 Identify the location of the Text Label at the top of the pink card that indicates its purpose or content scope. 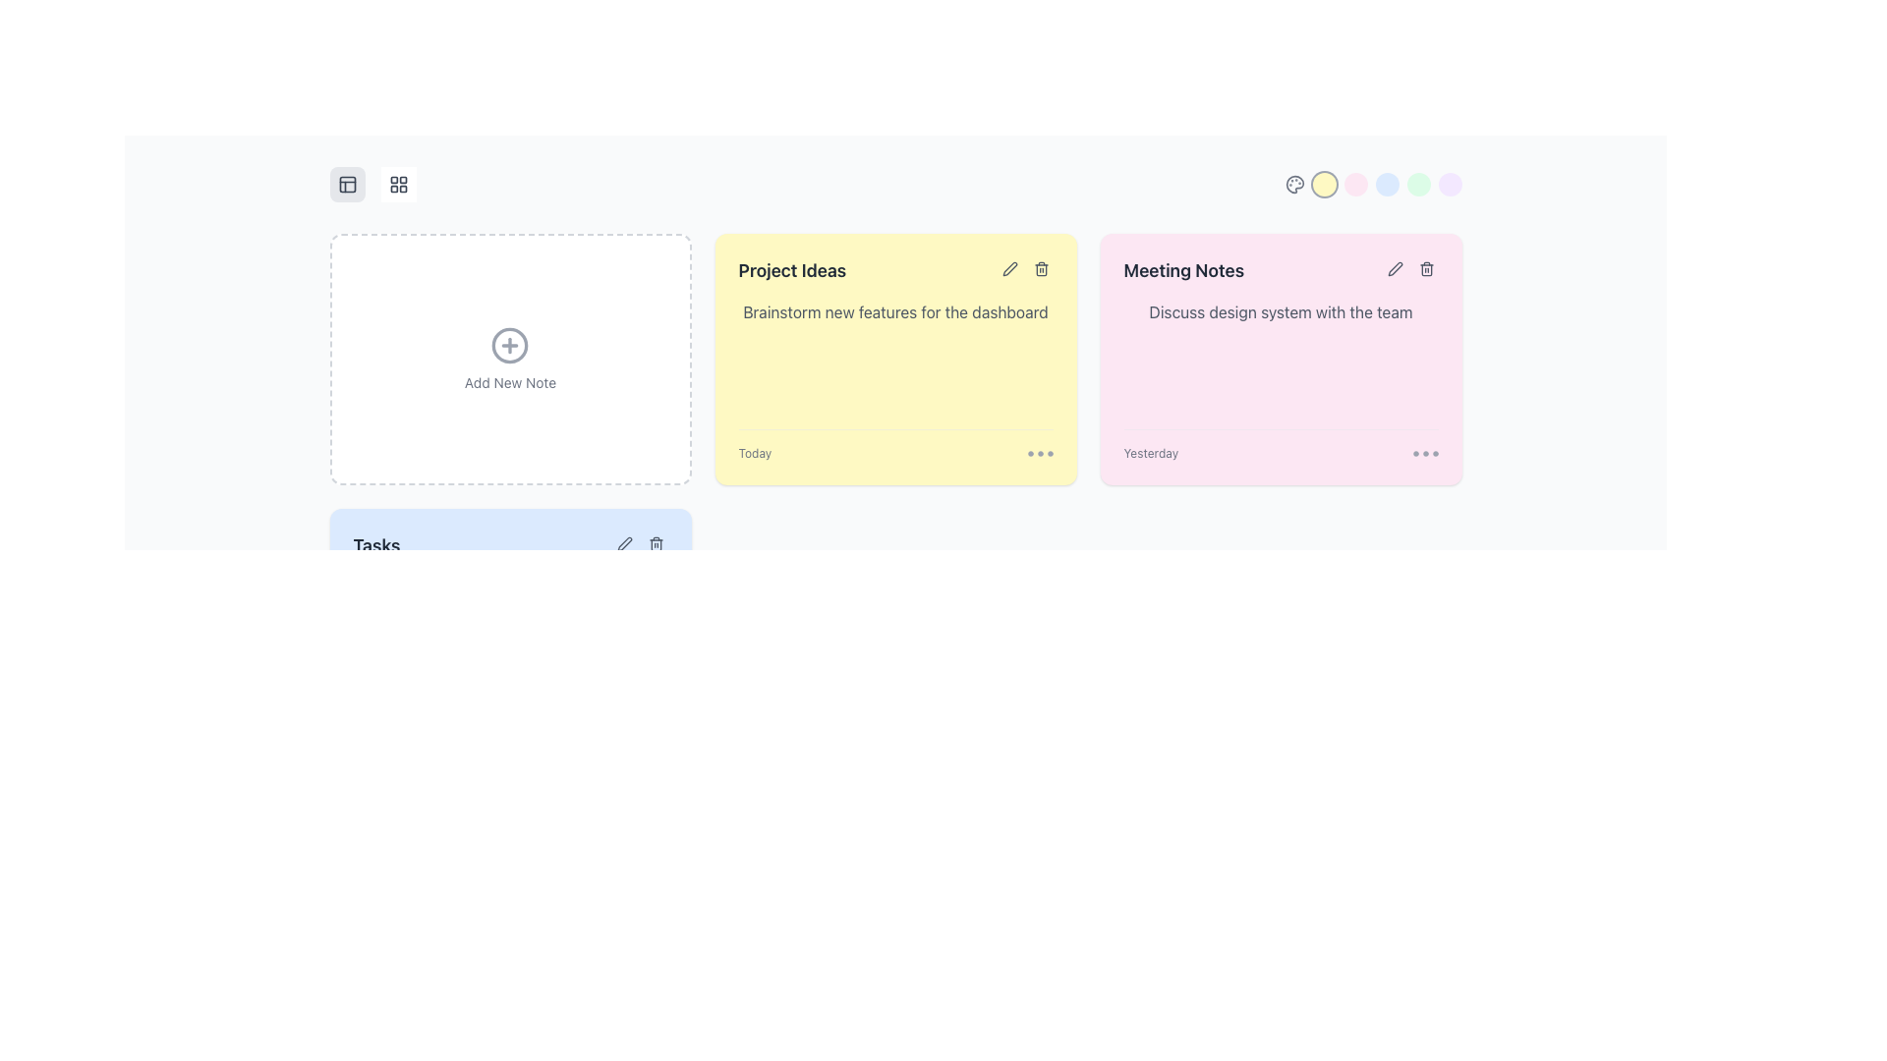
(1182, 271).